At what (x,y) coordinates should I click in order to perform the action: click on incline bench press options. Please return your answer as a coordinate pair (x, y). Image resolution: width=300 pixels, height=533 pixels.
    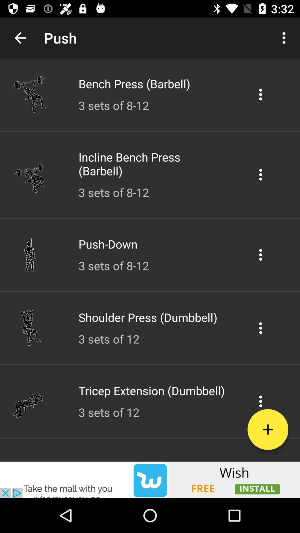
    Looking at the image, I should click on (261, 174).